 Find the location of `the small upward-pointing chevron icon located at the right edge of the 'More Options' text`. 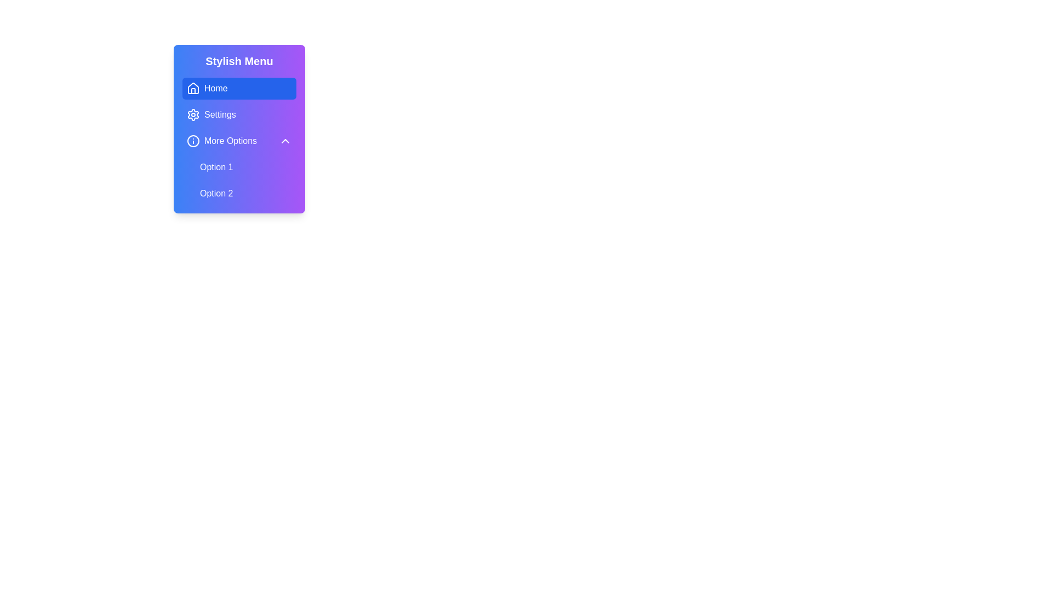

the small upward-pointing chevron icon located at the right edge of the 'More Options' text is located at coordinates (285, 141).